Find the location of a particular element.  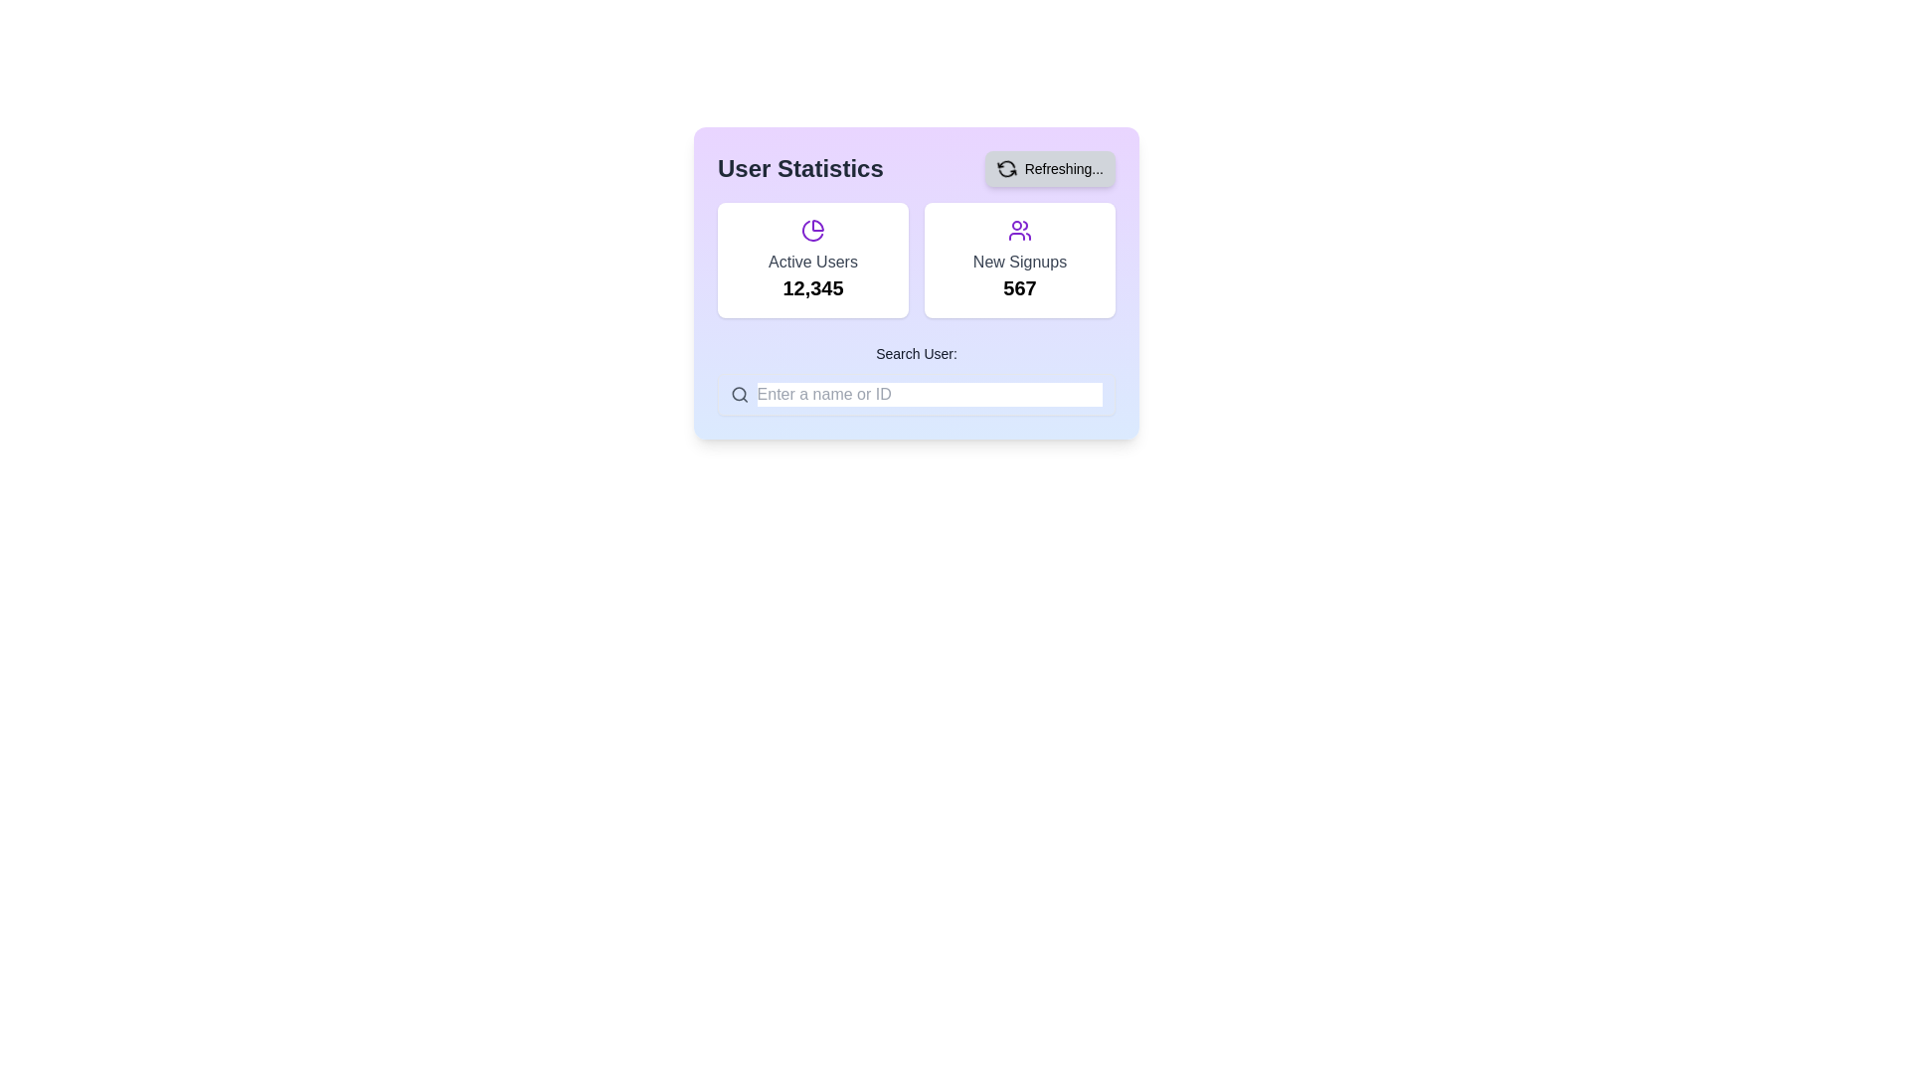

the decorative icon representing user signups located in the 'New Signups' card, which is positioned above the text '567' and centrally aligned with the card's title is located at coordinates (1020, 229).